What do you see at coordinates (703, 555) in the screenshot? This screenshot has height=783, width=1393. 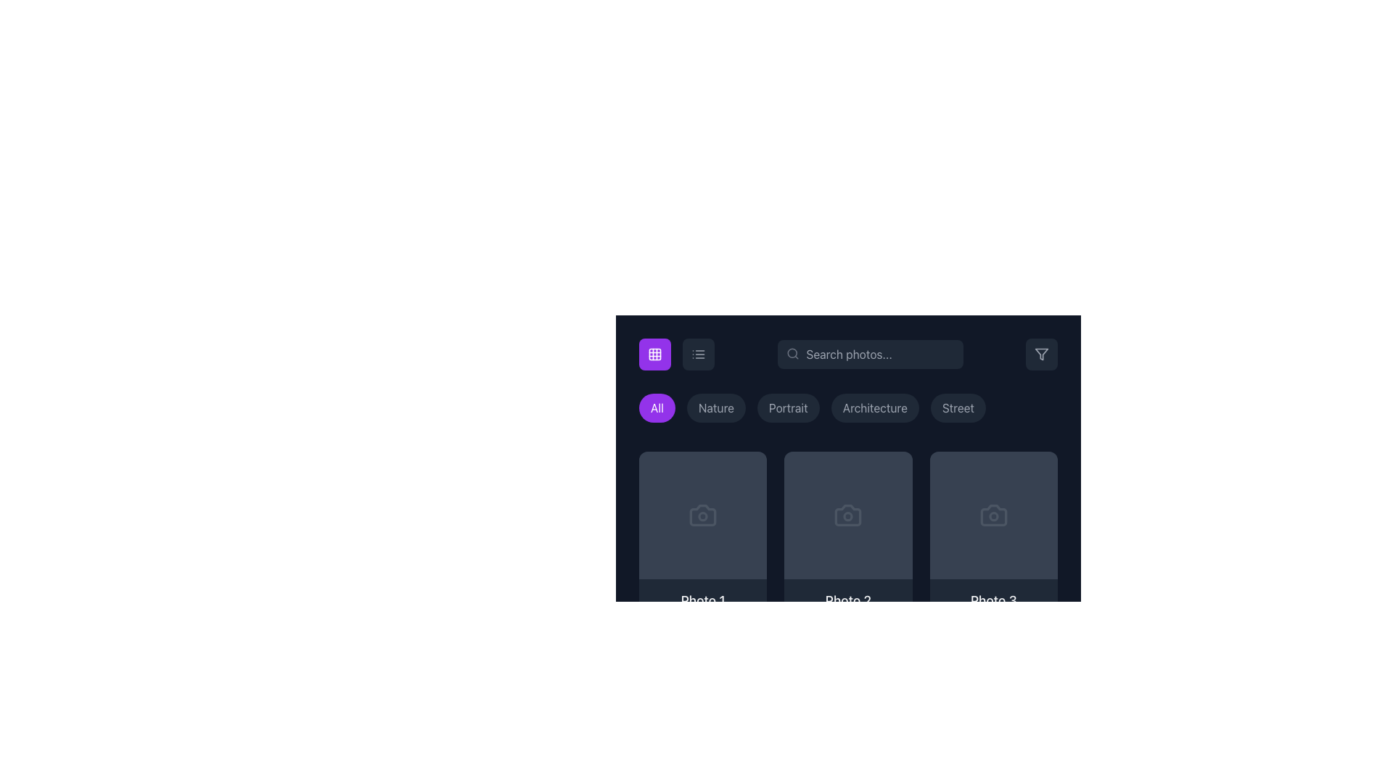 I see `the first Card component` at bounding box center [703, 555].